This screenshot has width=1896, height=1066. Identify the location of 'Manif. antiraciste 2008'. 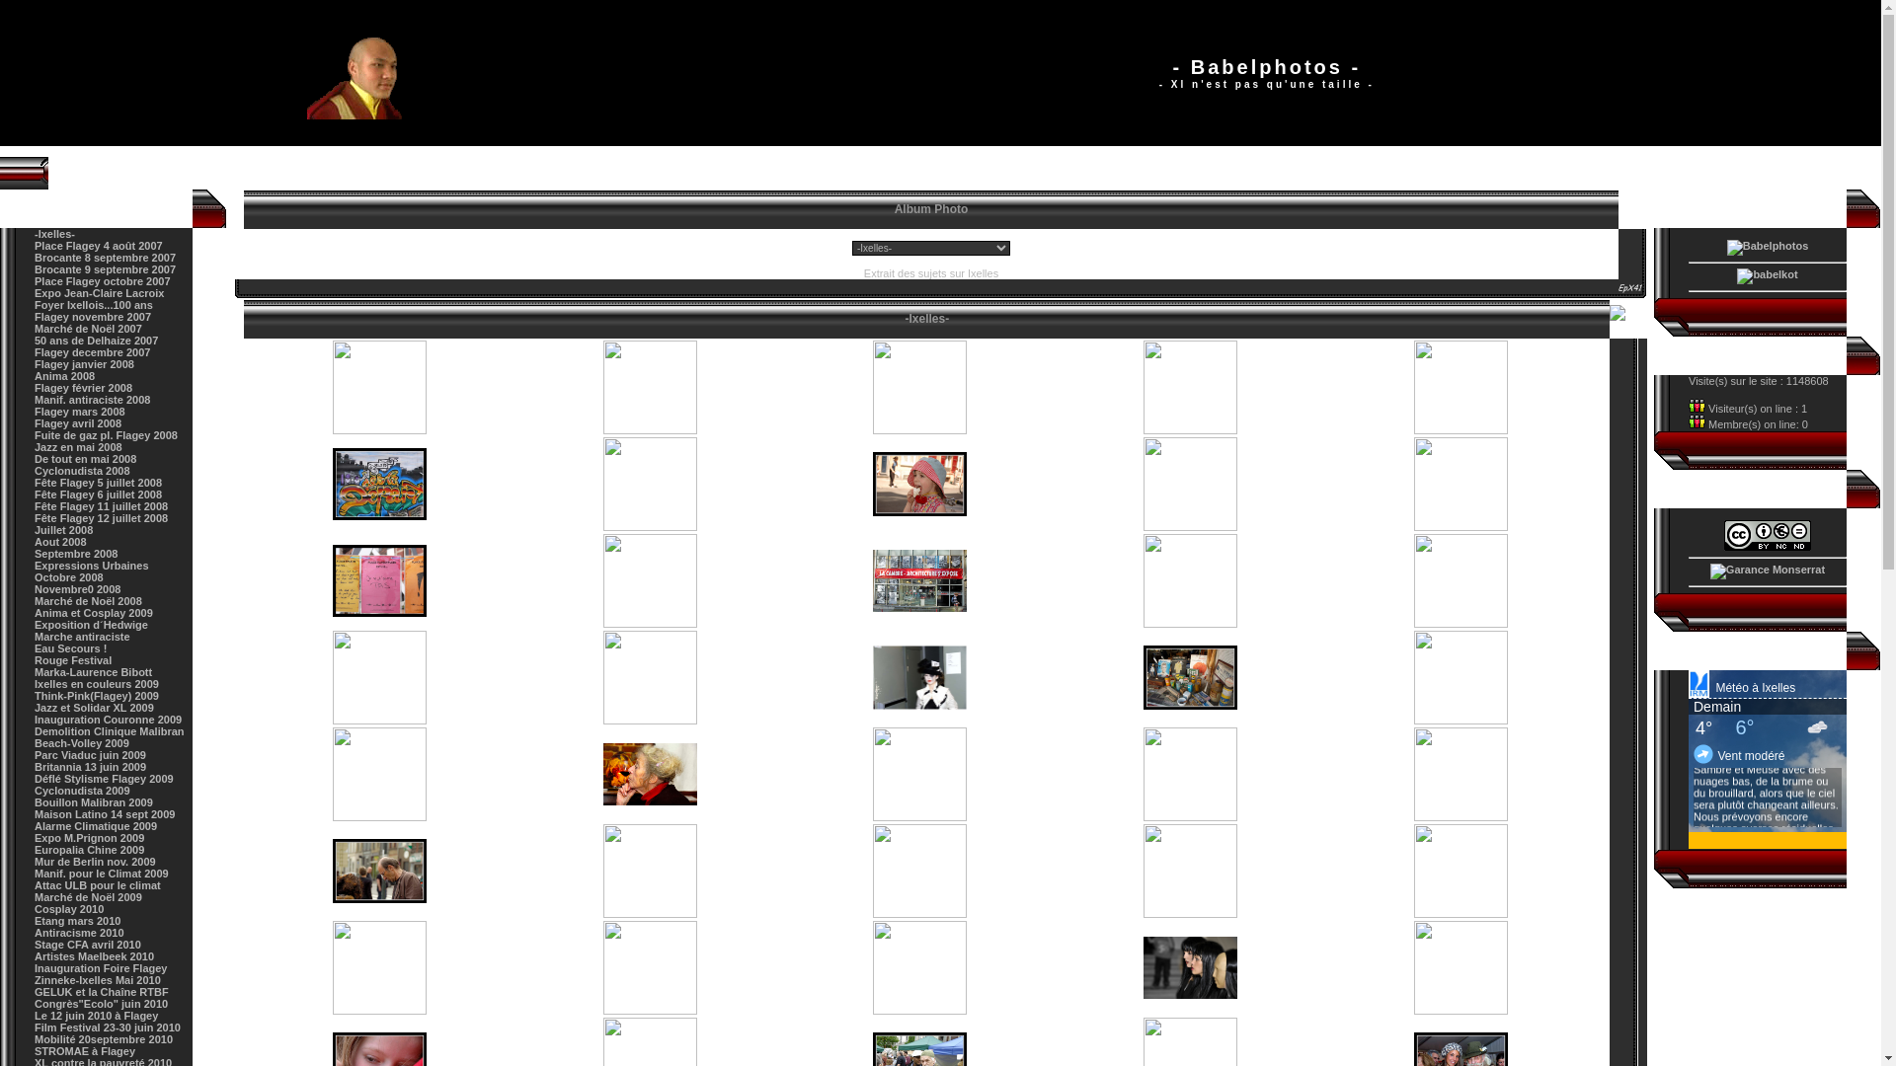
(91, 400).